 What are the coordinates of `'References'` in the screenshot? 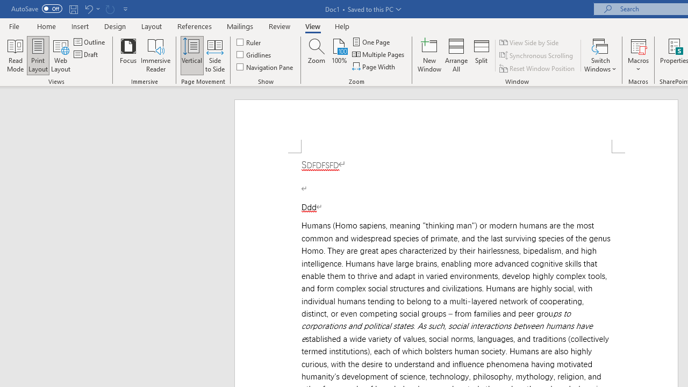 It's located at (195, 26).